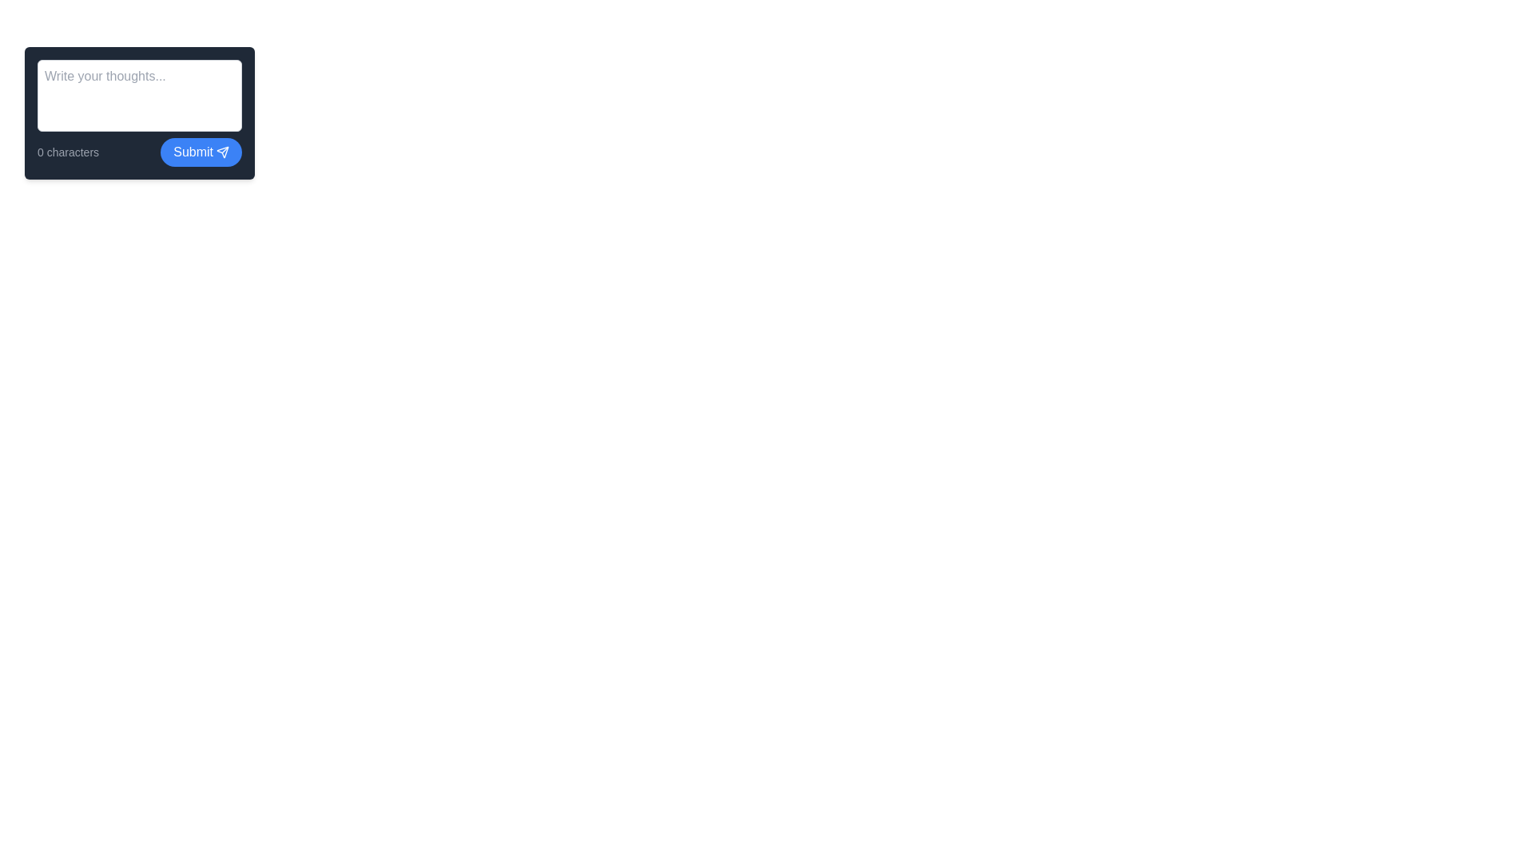  I want to click on the paper airplane icon, which is styled in white on a blue circular background and positioned at the right edge of the 'Submit' button, so click(221, 152).